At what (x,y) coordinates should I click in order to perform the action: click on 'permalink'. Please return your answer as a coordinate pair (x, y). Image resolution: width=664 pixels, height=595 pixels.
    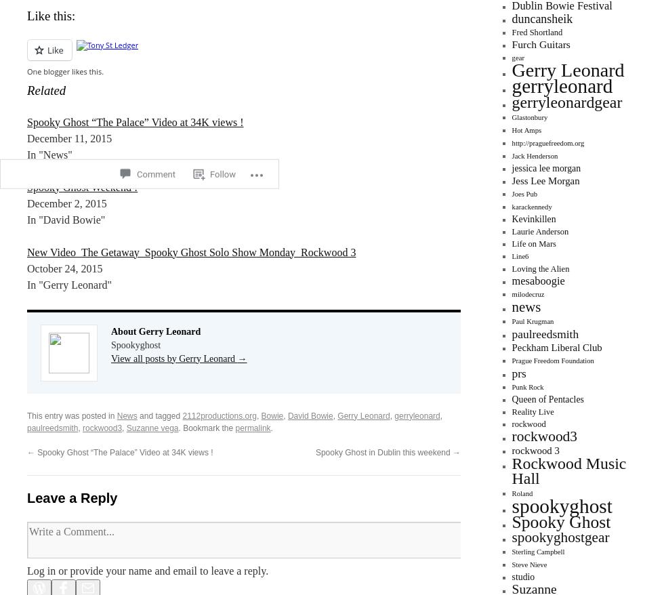
    Looking at the image, I should click on (235, 427).